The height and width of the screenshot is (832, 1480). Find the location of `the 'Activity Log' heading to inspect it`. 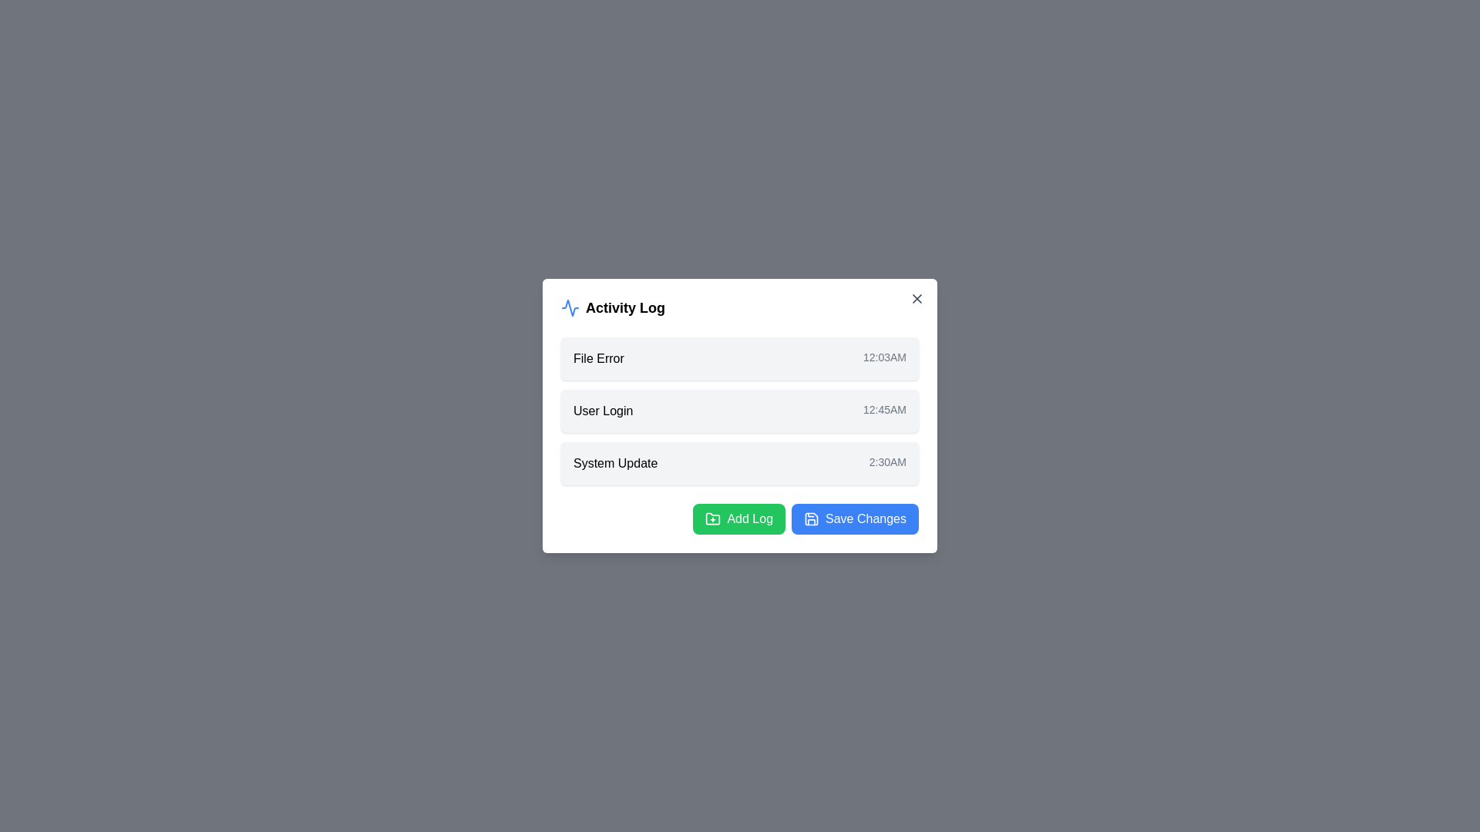

the 'Activity Log' heading to inspect it is located at coordinates (740, 308).